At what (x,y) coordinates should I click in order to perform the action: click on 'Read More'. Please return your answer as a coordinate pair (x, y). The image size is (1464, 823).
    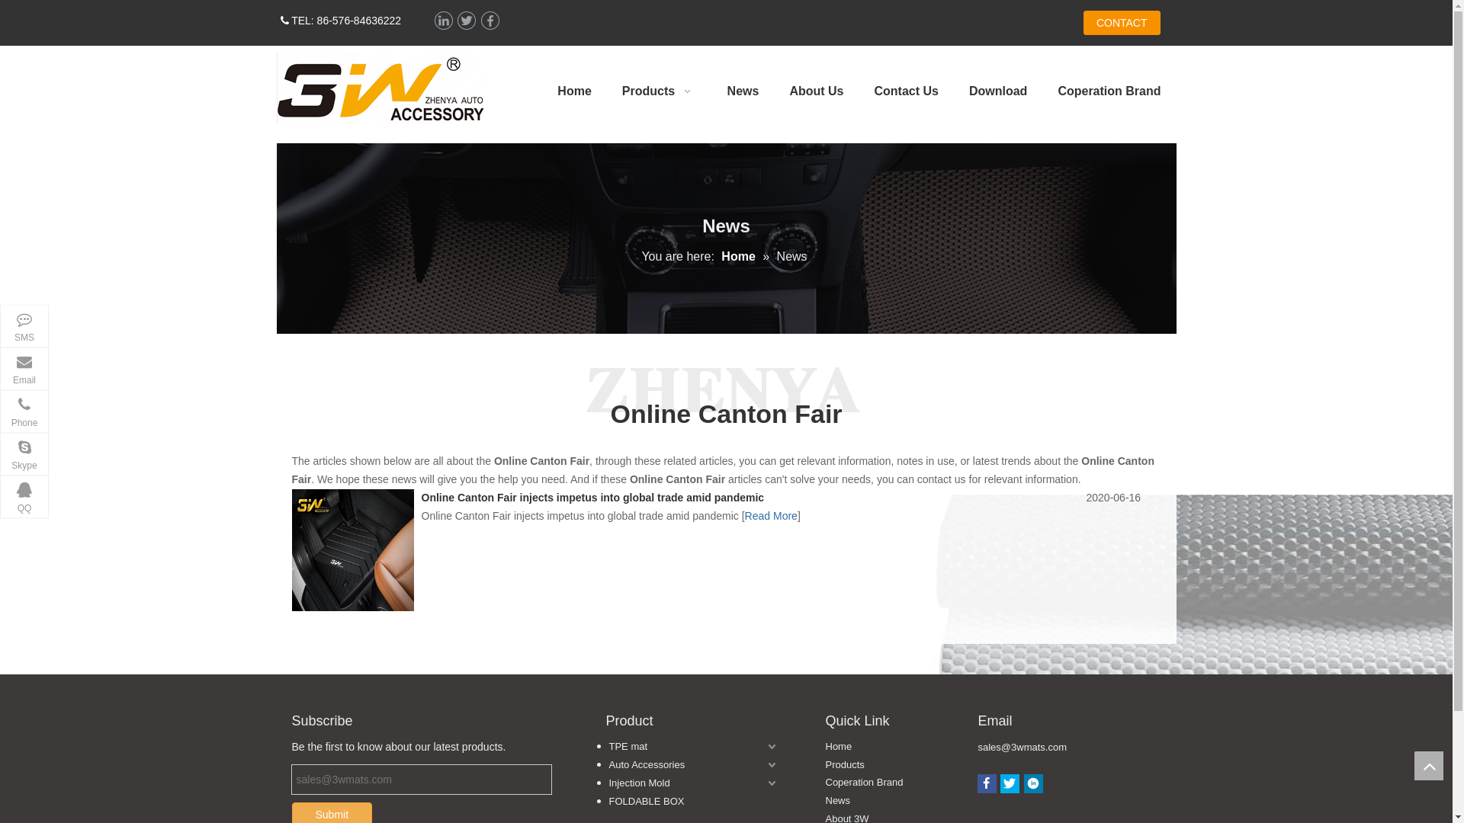
    Looking at the image, I should click on (771, 515).